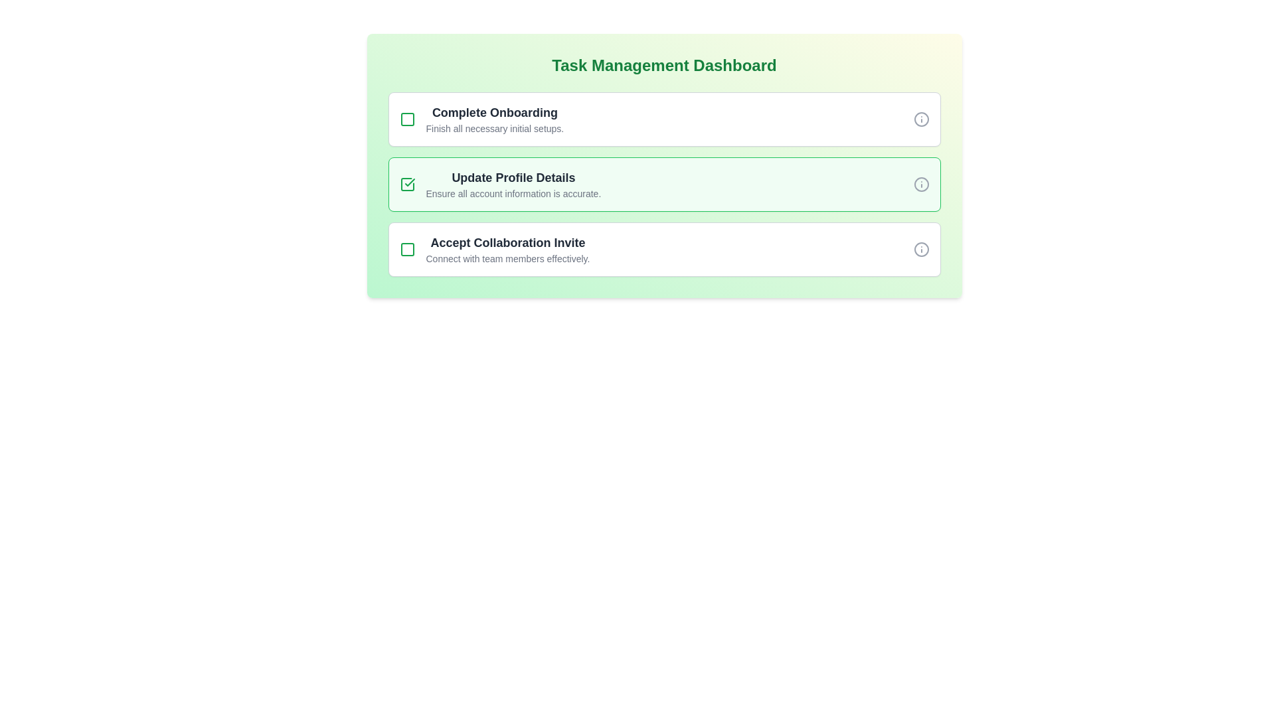  What do you see at coordinates (493, 249) in the screenshot?
I see `the checkbox of the task list item titled 'Accept Collaboration Invite' to mark the task as completed` at bounding box center [493, 249].